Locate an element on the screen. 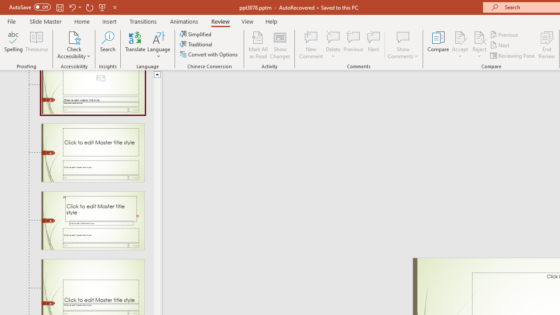 This screenshot has width=560, height=315. 'Thesaurus...' is located at coordinates (36, 45).